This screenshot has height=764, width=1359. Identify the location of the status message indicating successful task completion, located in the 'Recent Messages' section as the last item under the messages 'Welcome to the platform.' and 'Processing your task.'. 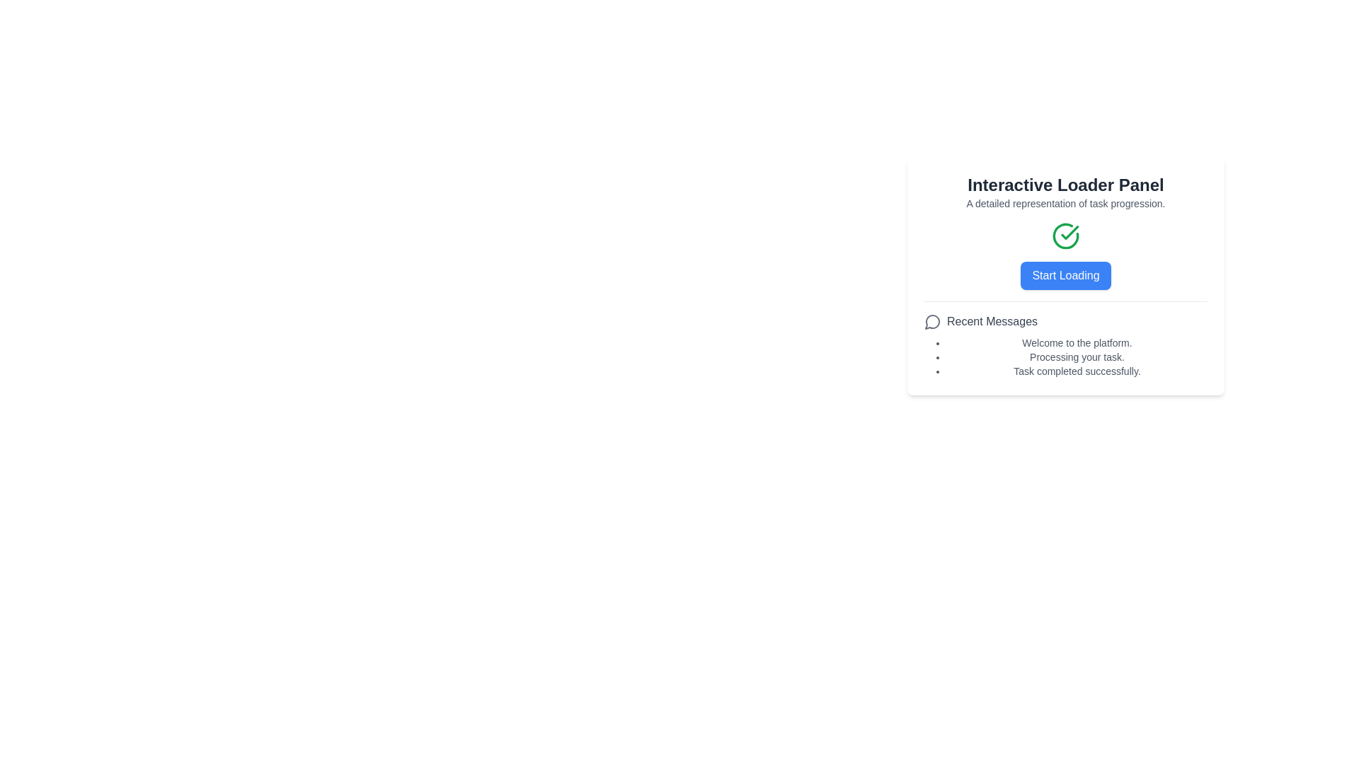
(1076, 370).